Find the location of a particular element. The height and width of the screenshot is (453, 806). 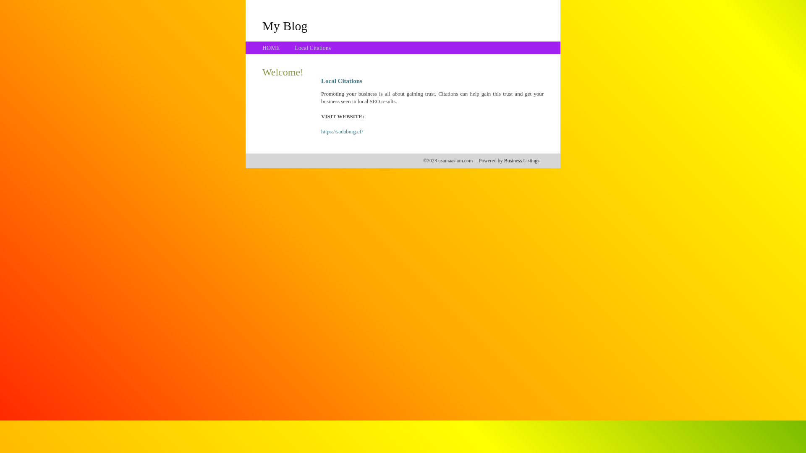

'https://sadaburg.cf/' is located at coordinates (342, 131).